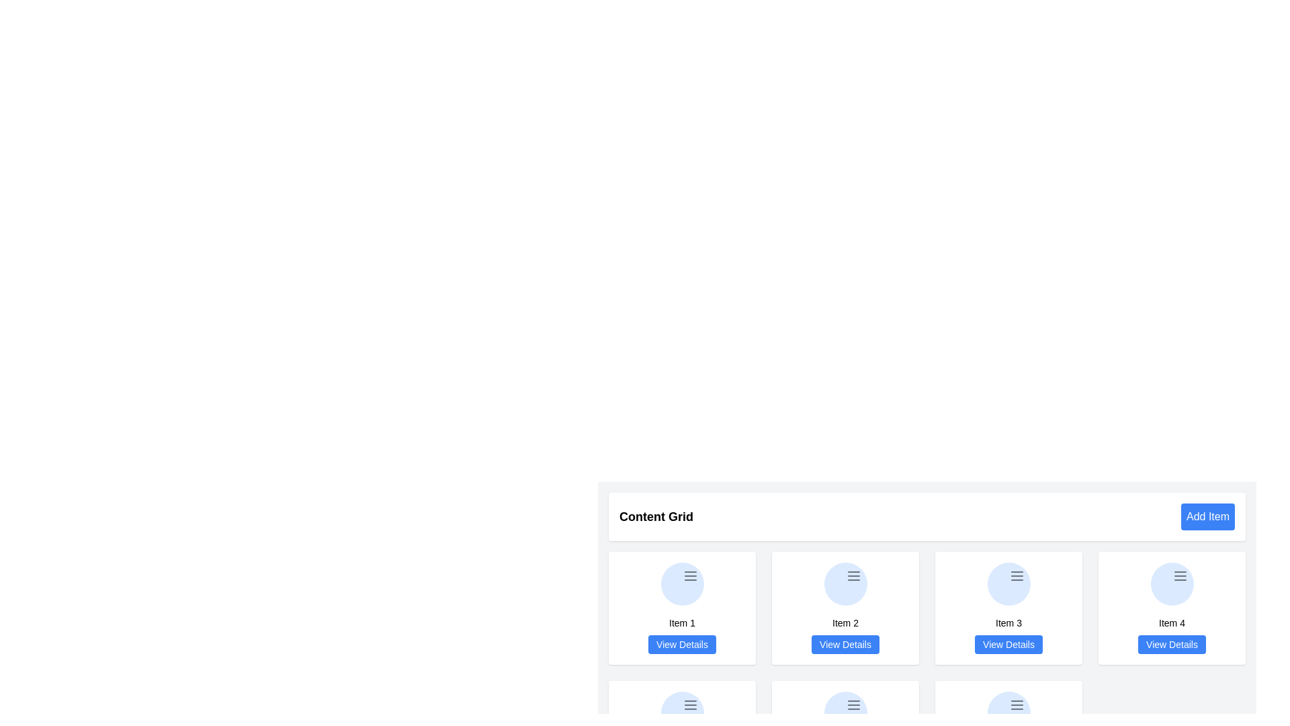 The height and width of the screenshot is (726, 1290). I want to click on the circular icon with a light blue background and three horizontal gray lines, located at the top-center of the 'Item 4' card, so click(1171, 583).